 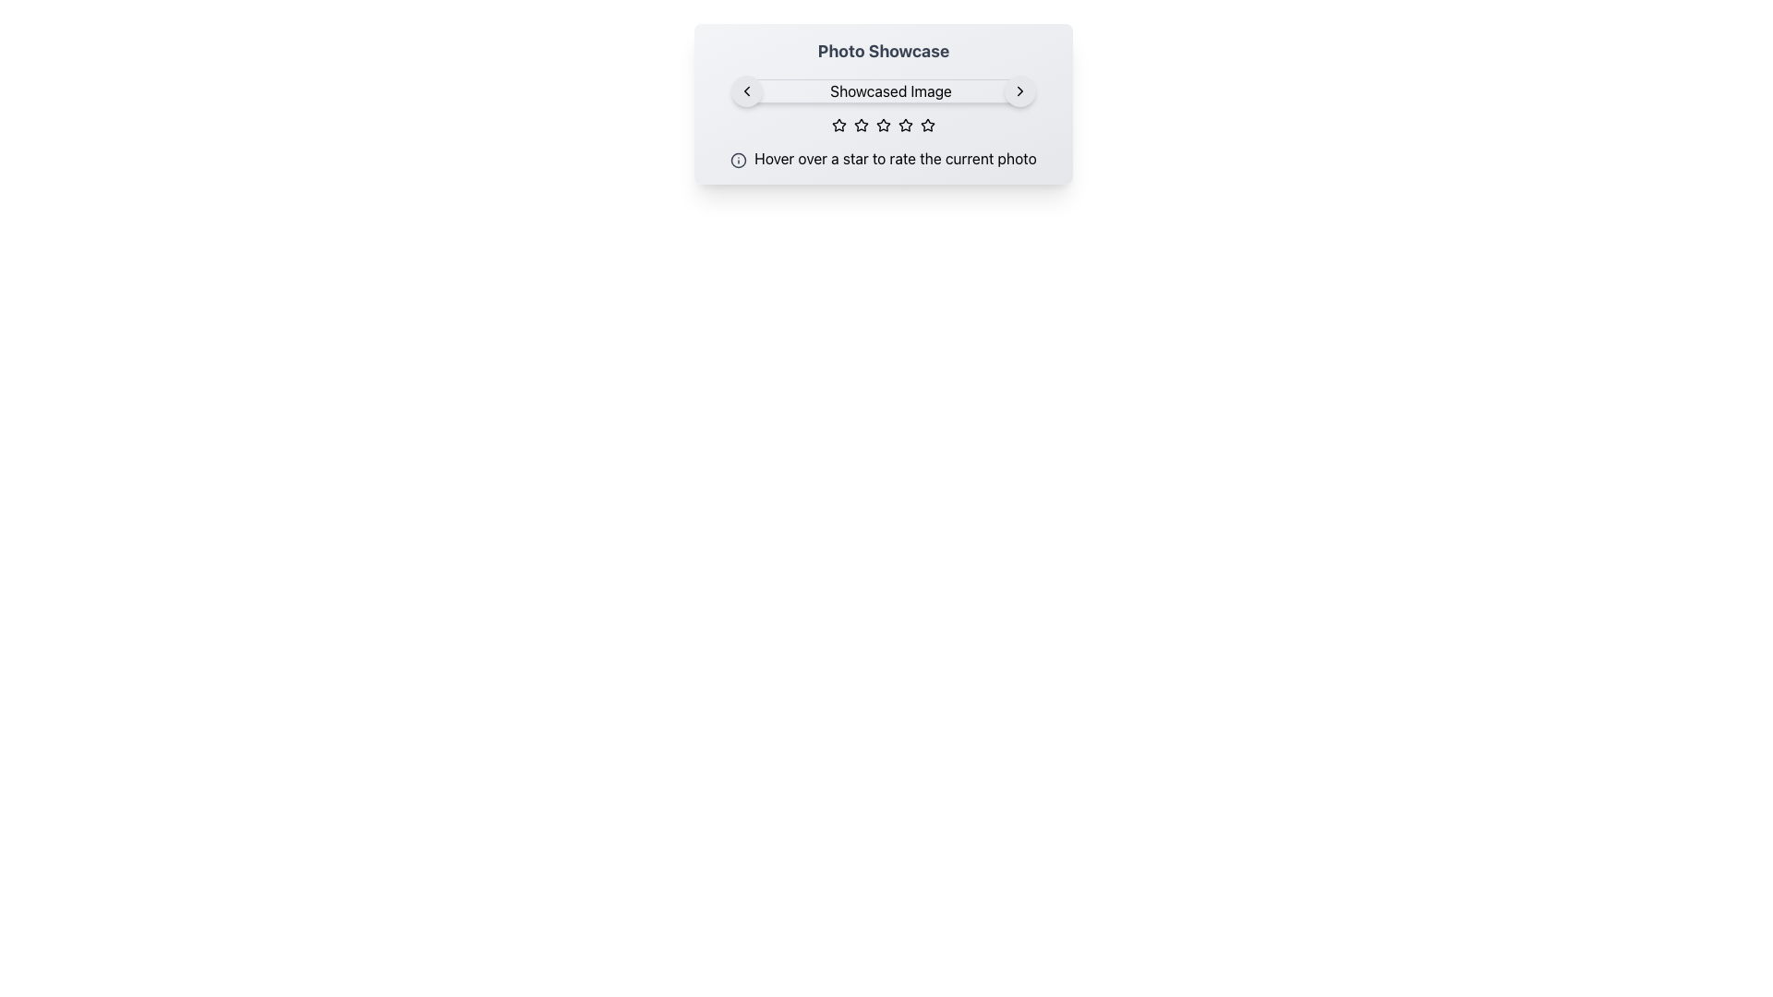 I want to click on the first star icon in the rating system located beneath the showcased image, so click(x=860, y=125).